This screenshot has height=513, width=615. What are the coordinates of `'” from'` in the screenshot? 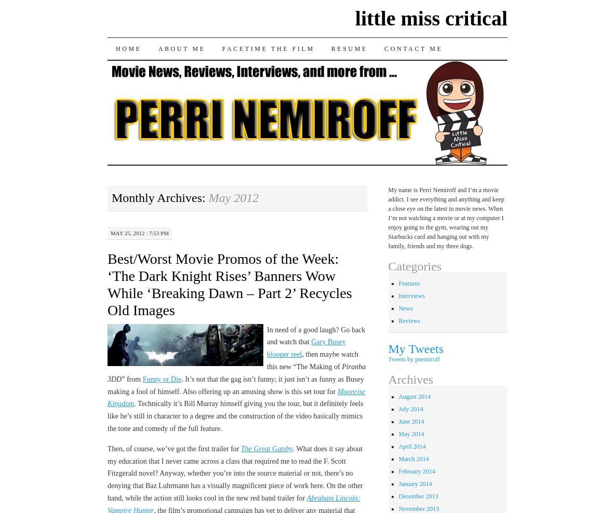 It's located at (131, 379).